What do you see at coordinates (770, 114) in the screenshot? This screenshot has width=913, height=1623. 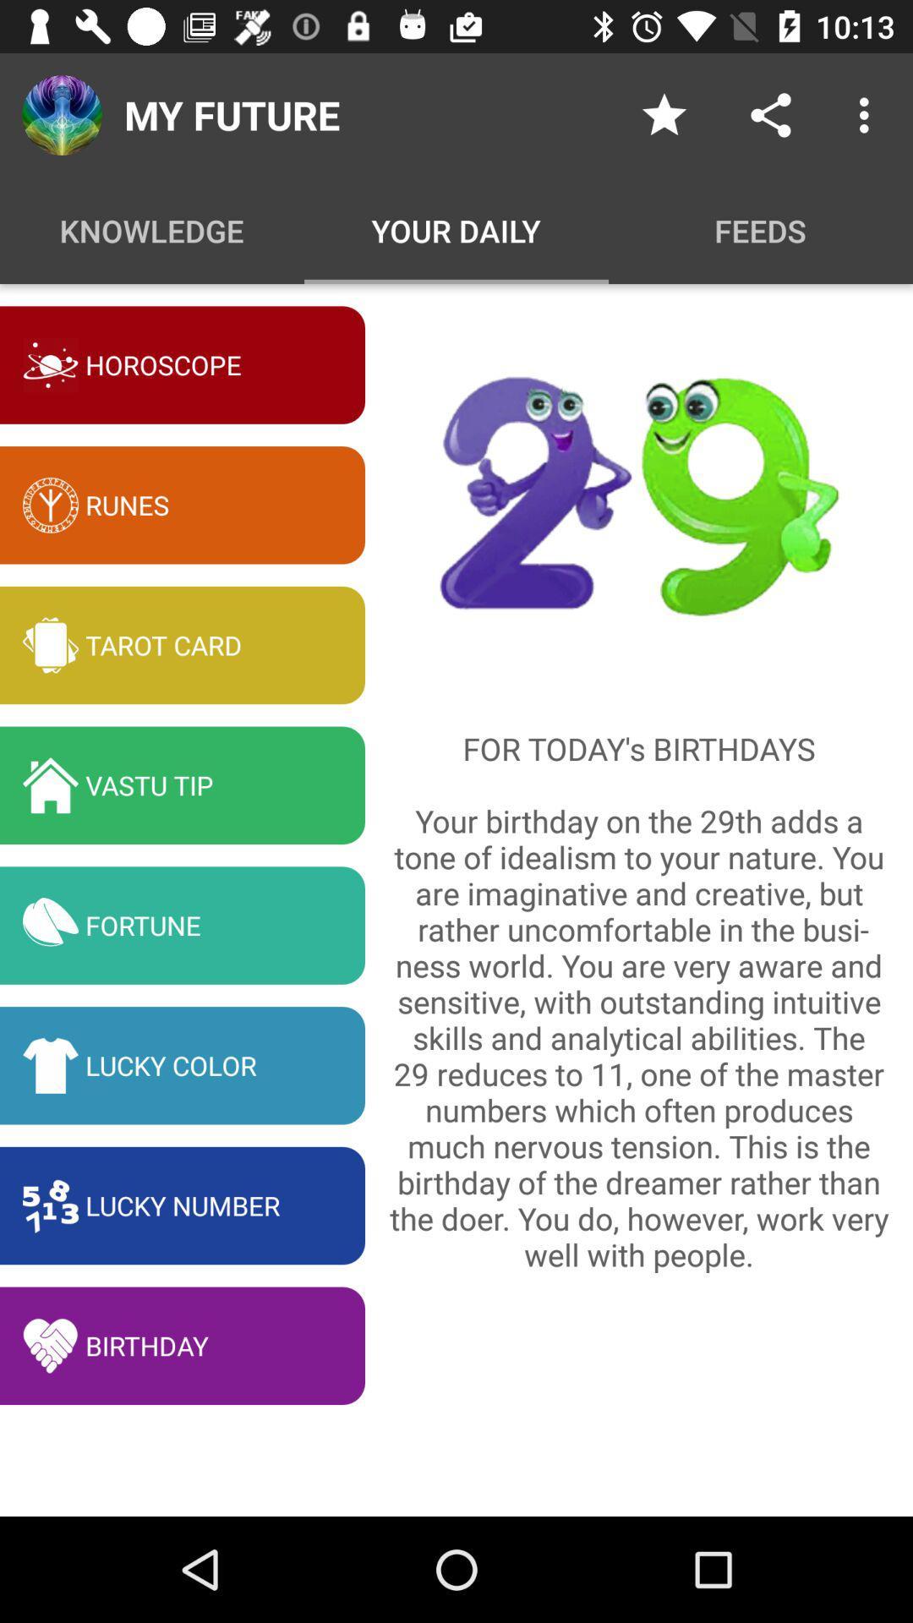 I see `share this information` at bounding box center [770, 114].